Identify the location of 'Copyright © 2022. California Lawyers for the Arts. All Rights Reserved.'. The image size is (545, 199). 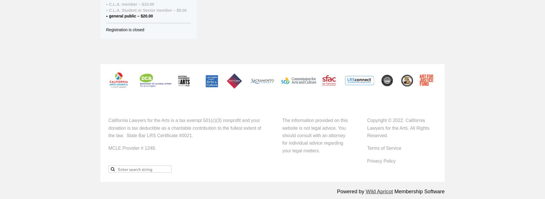
(398, 128).